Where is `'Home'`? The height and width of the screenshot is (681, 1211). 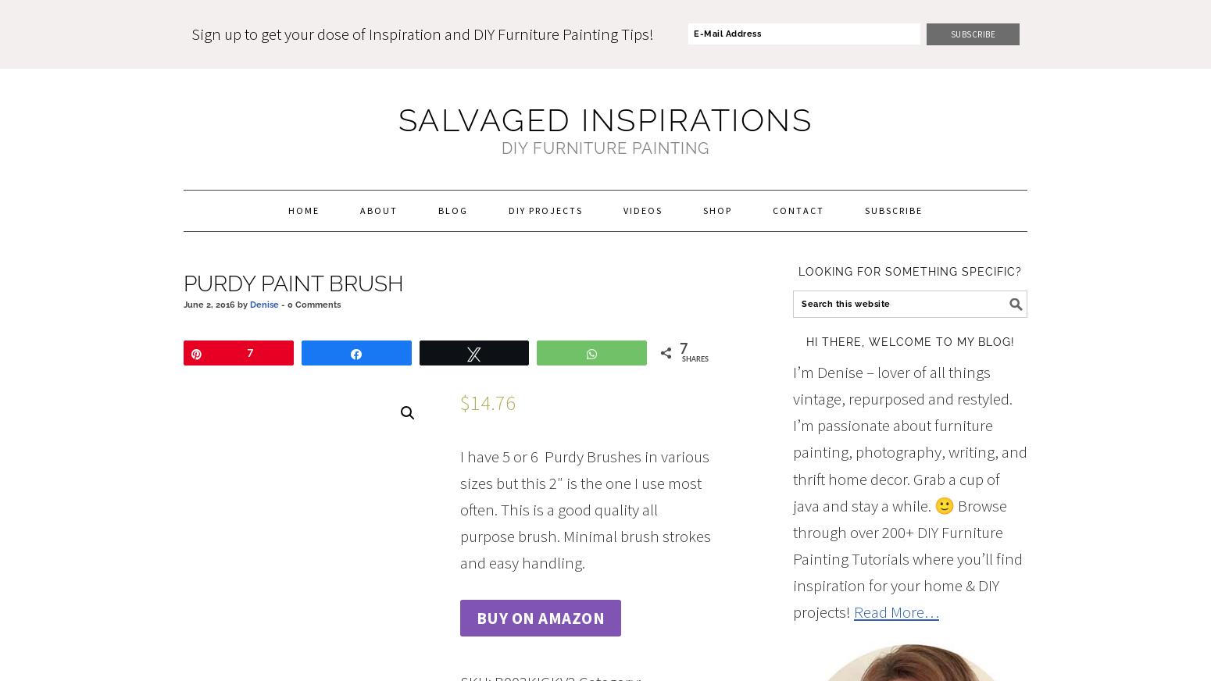 'Home' is located at coordinates (304, 209).